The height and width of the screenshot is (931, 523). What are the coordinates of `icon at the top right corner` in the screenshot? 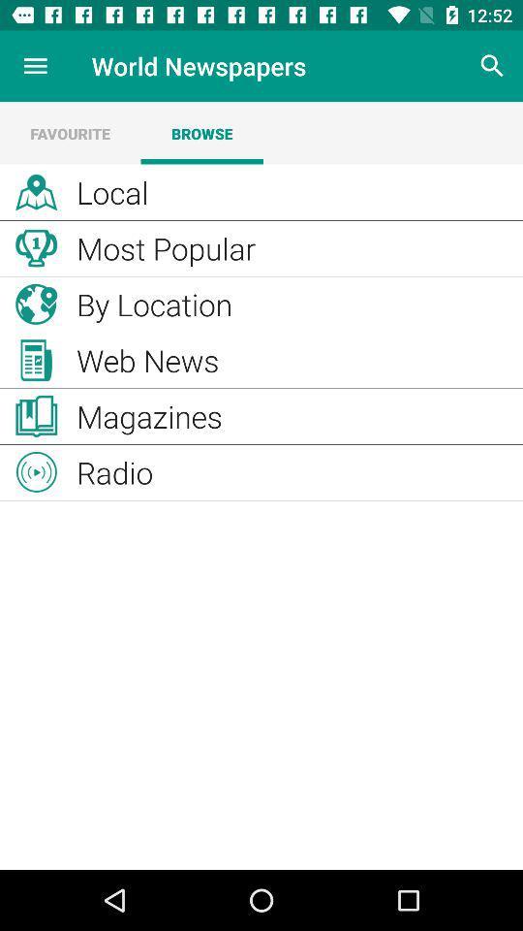 It's located at (492, 66).